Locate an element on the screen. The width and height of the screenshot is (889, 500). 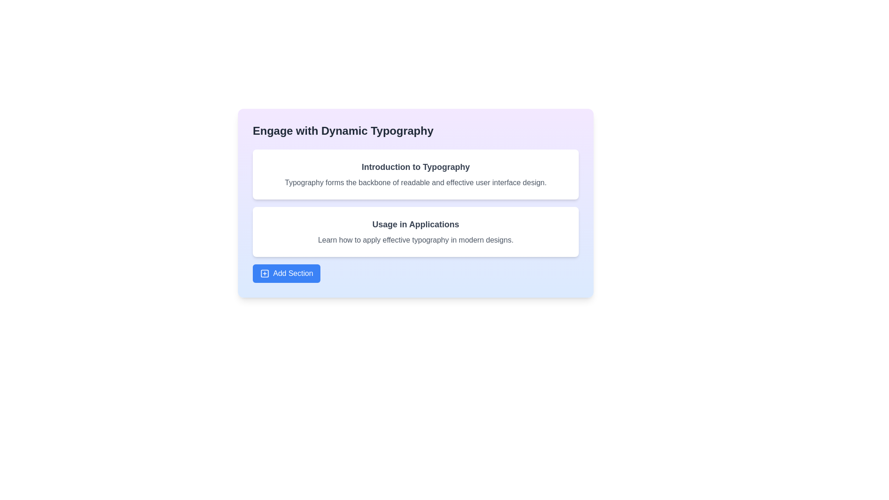
the text element that contains the sentence 'Typography forms the backbone of readable and effective user interface design.', located underneath the header 'Introduction to Typography' in a white card is located at coordinates (415, 182).